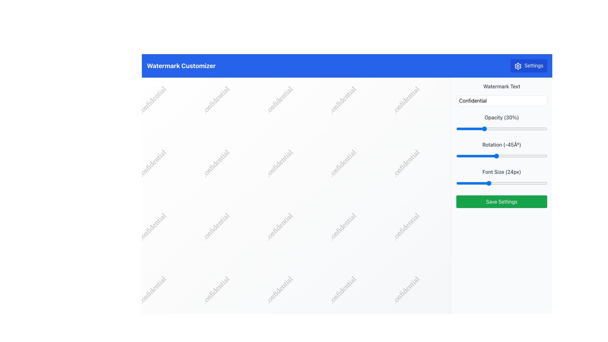  Describe the element at coordinates (506, 156) in the screenshot. I see `rotation` at that location.